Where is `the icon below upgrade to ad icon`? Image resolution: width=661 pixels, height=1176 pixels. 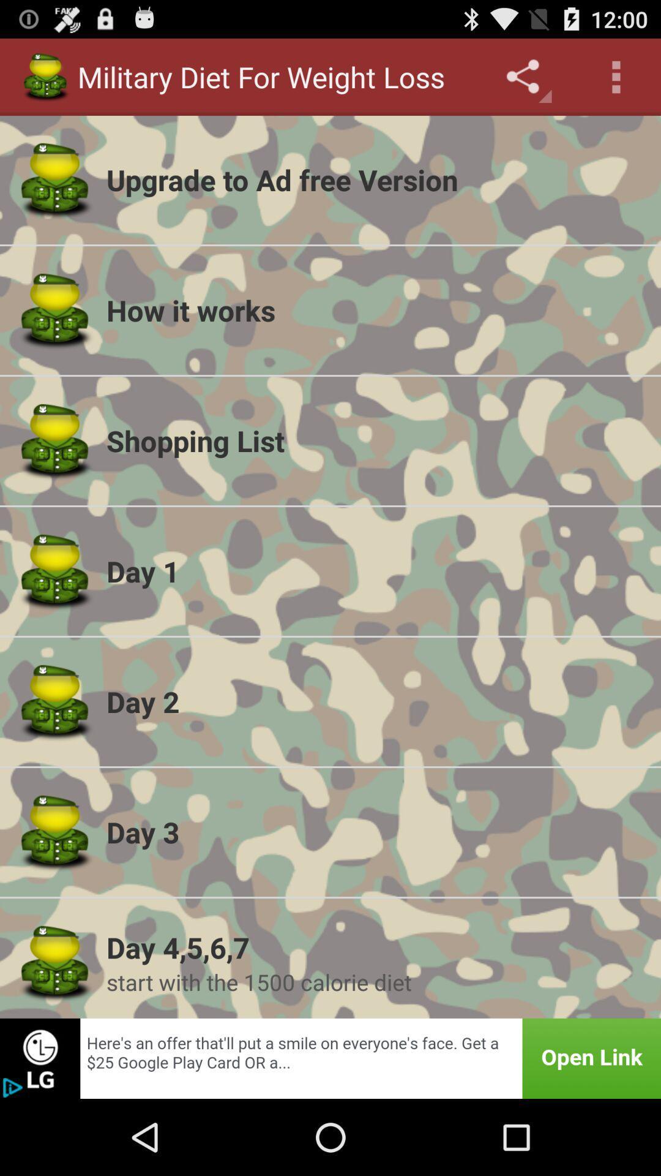
the icon below upgrade to ad icon is located at coordinates (375, 310).